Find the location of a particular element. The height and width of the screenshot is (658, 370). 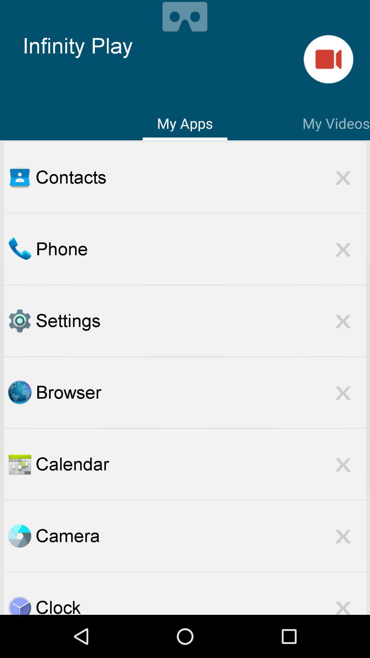

to delete is located at coordinates (343, 603).